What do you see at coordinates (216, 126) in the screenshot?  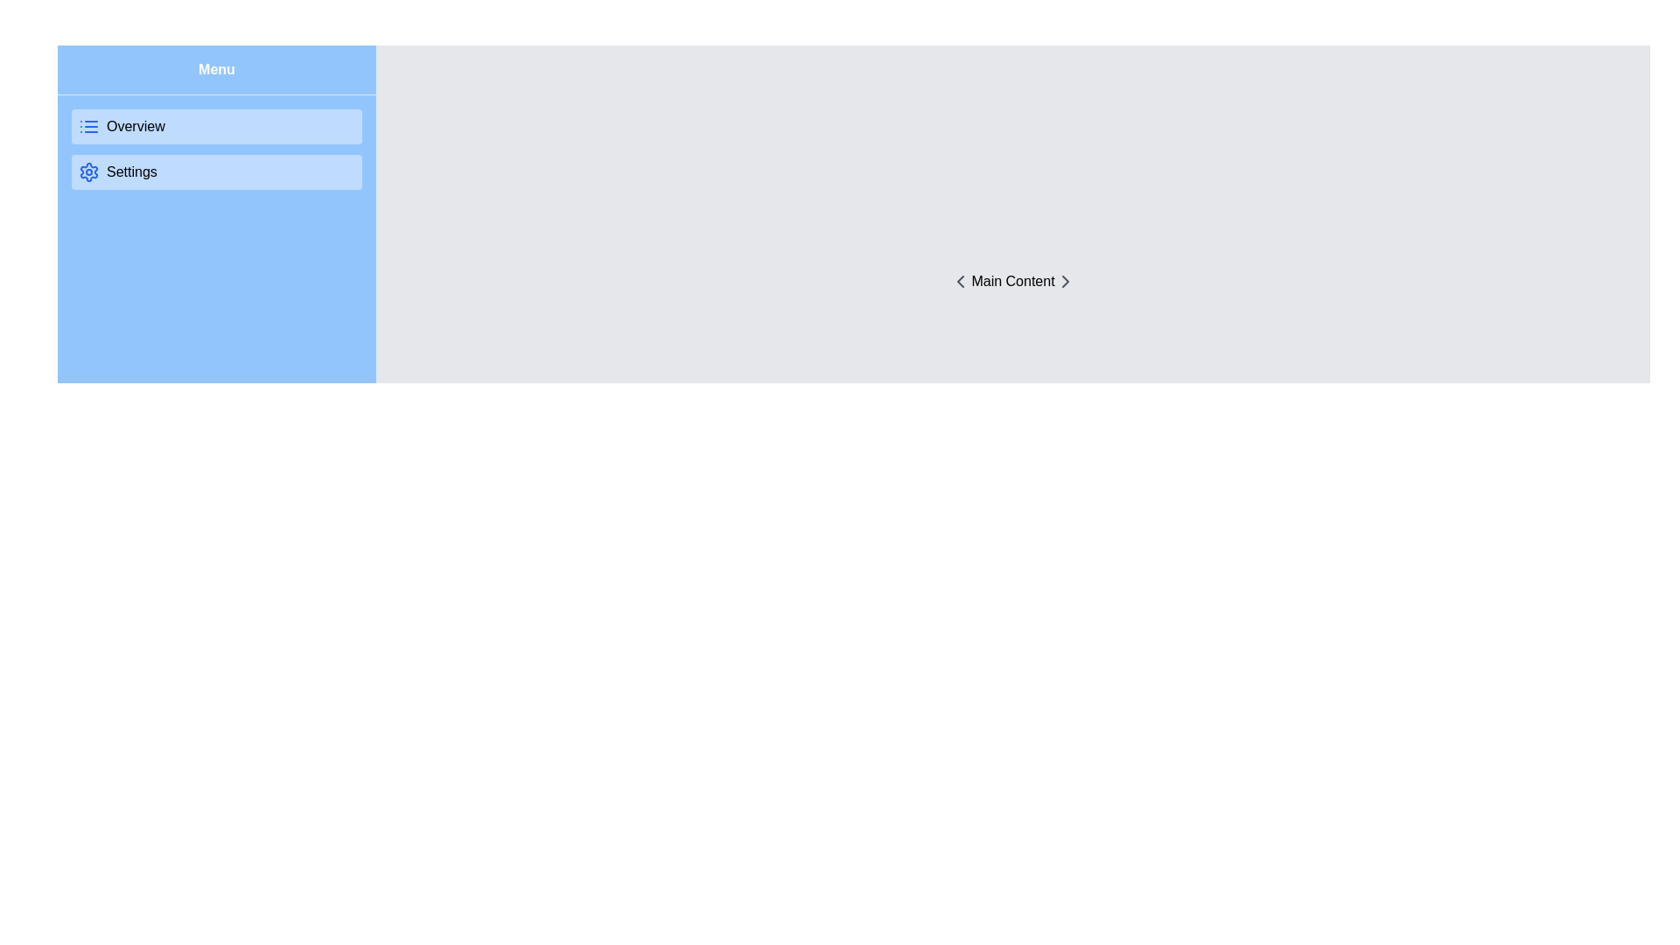 I see `the first button in the vertical menu on the left side of the interface` at bounding box center [216, 126].